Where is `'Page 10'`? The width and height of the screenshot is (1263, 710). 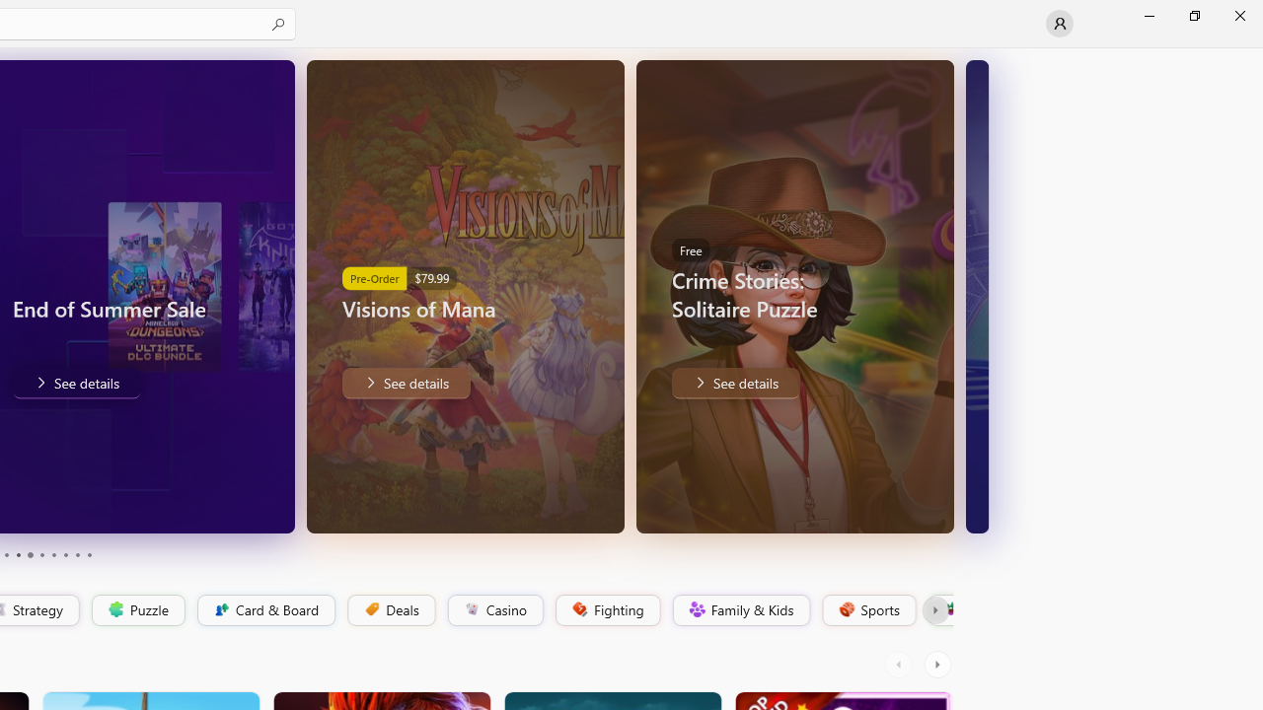 'Page 10' is located at coordinates (88, 555).